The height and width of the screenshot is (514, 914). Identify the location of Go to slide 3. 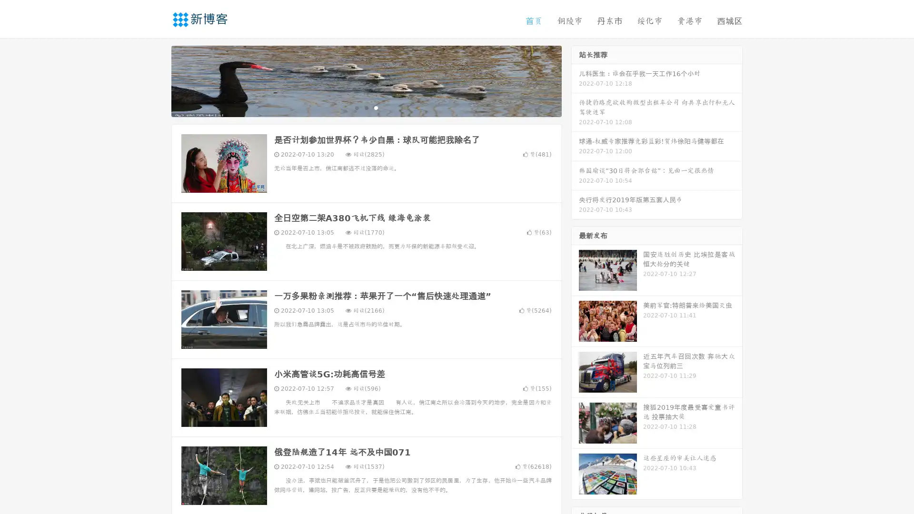
(376, 107).